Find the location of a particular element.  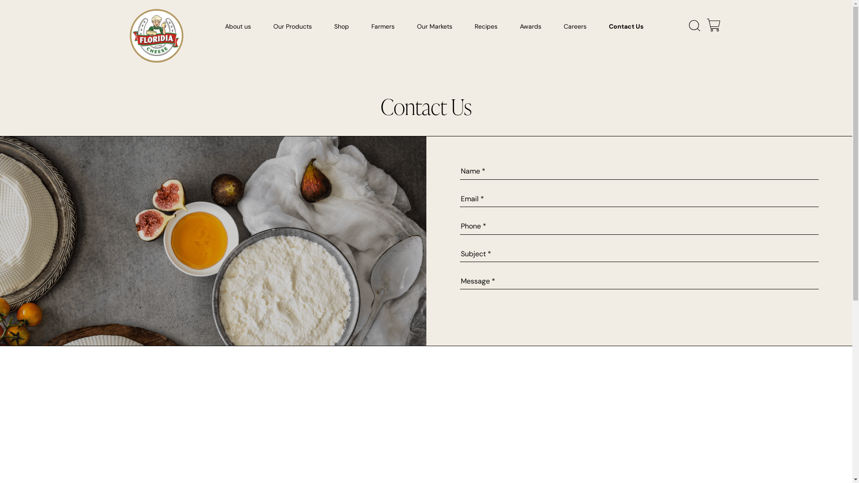

'About us' is located at coordinates (221, 29).